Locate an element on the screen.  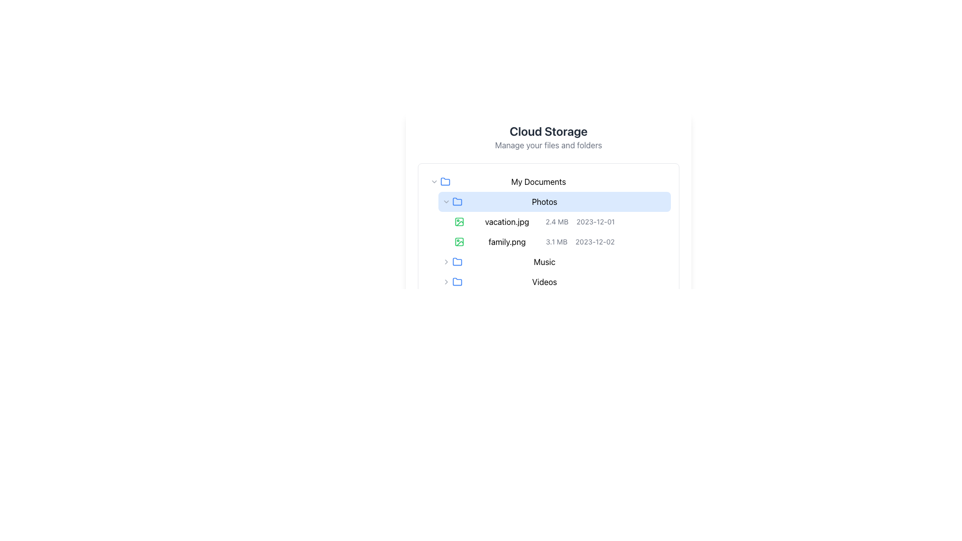
the folder icon beside the 'Music' label is located at coordinates (456, 261).